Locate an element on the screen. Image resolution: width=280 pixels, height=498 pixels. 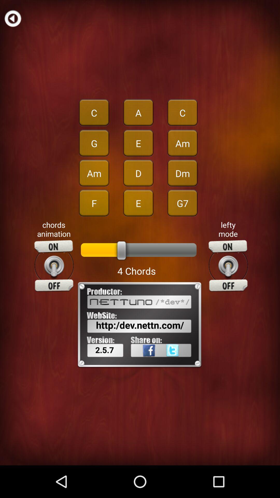
app next to 2.5.7 is located at coordinates (142, 362).